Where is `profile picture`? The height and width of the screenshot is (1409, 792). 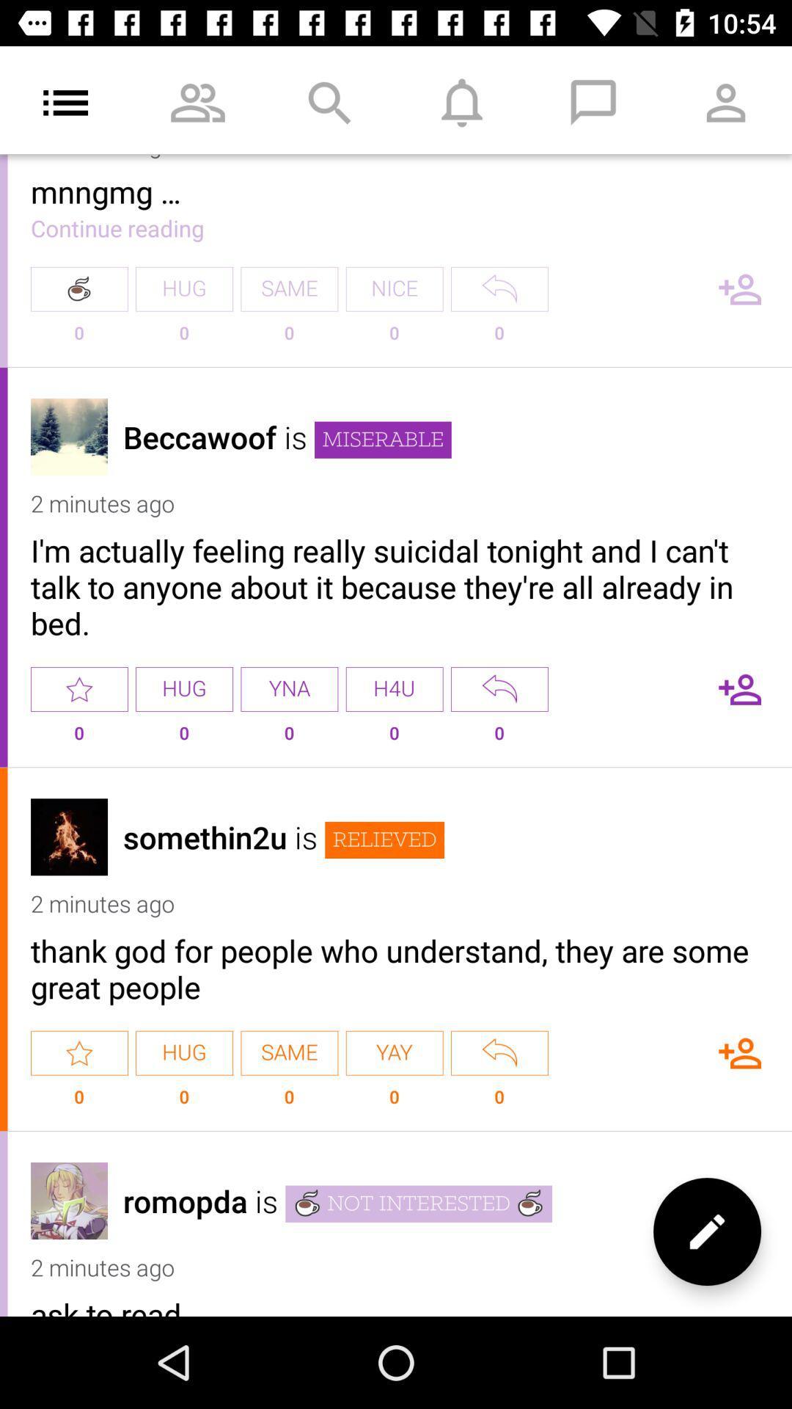
profile picture is located at coordinates (69, 837).